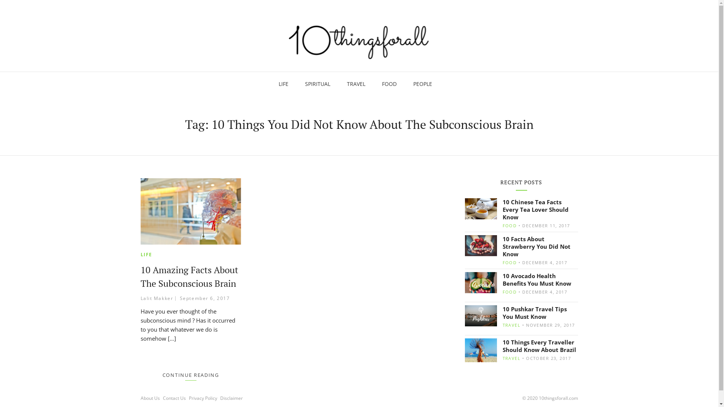  Describe the element at coordinates (146, 254) in the screenshot. I see `'LIFE'` at that location.